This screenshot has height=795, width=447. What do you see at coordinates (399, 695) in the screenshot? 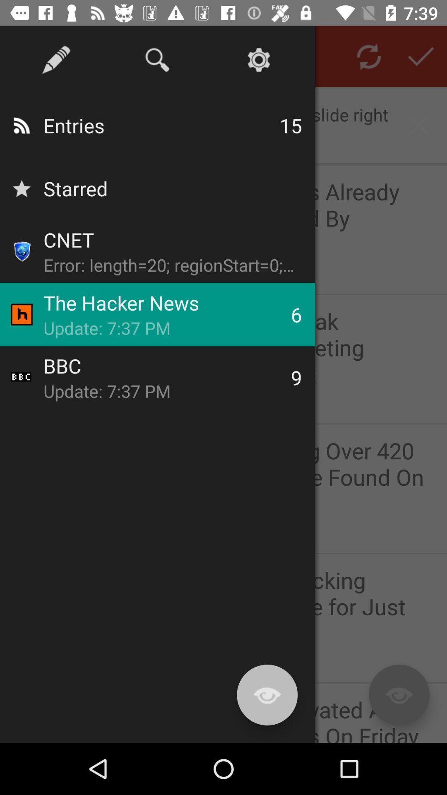
I see `the visibility icon` at bounding box center [399, 695].